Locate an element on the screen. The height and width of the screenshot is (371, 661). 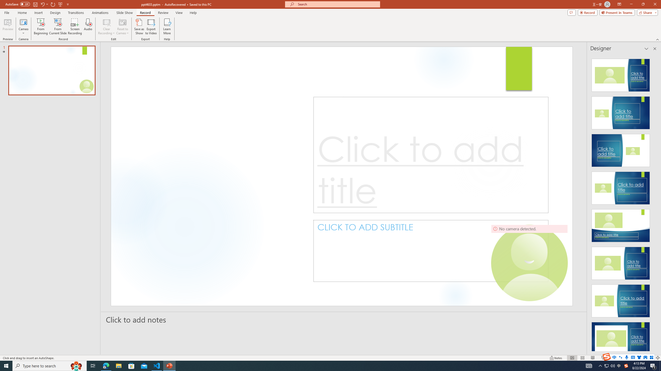
'Screen Recording' is located at coordinates (75, 27).